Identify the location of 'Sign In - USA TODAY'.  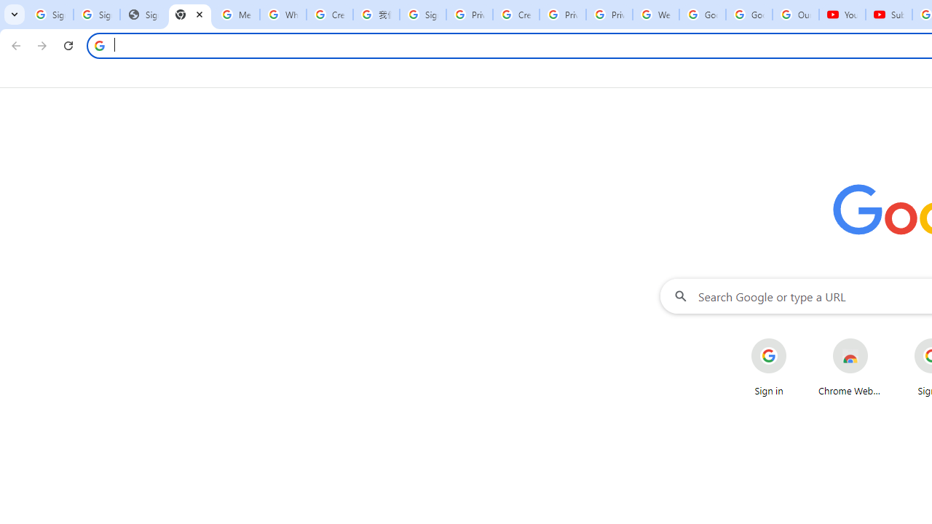
(143, 15).